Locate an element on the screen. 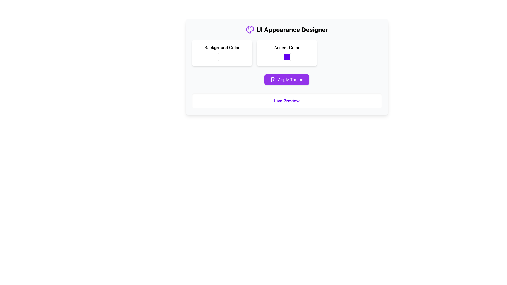 The width and height of the screenshot is (507, 285). the small, square-shaped color display block with a vivid purple background located in the 'Accent Color' section of the 'UI Appearance Designer' is located at coordinates (287, 57).